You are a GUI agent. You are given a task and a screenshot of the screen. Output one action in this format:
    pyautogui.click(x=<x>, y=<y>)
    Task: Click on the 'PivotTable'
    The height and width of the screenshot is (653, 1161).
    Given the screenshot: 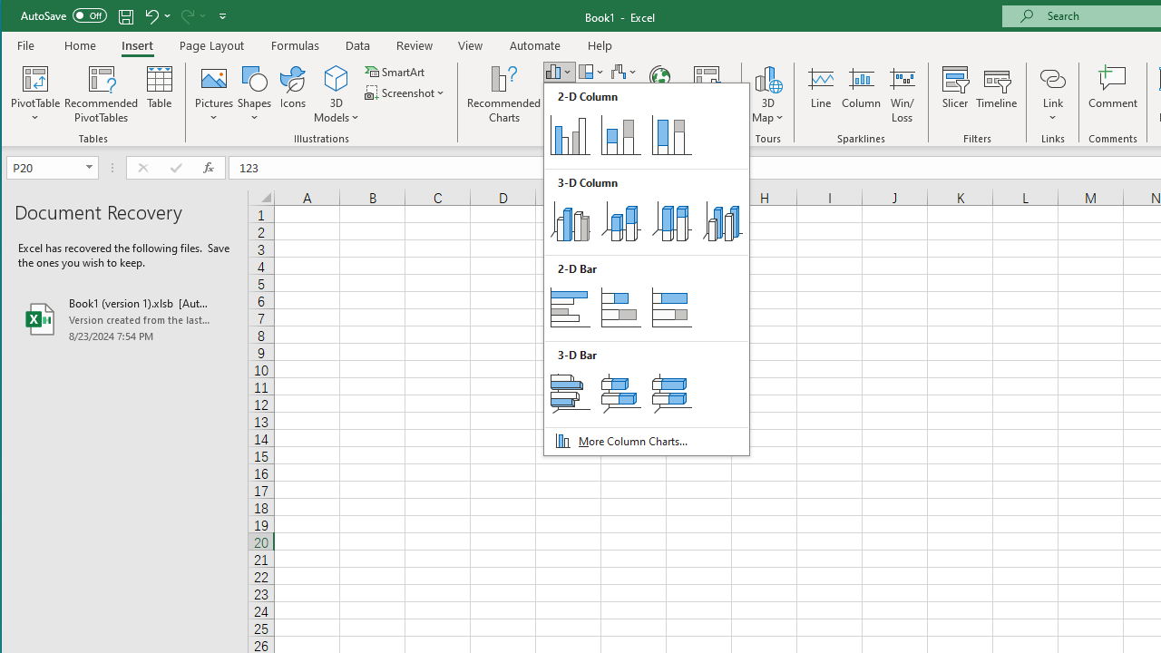 What is the action you would take?
    pyautogui.click(x=35, y=94)
    